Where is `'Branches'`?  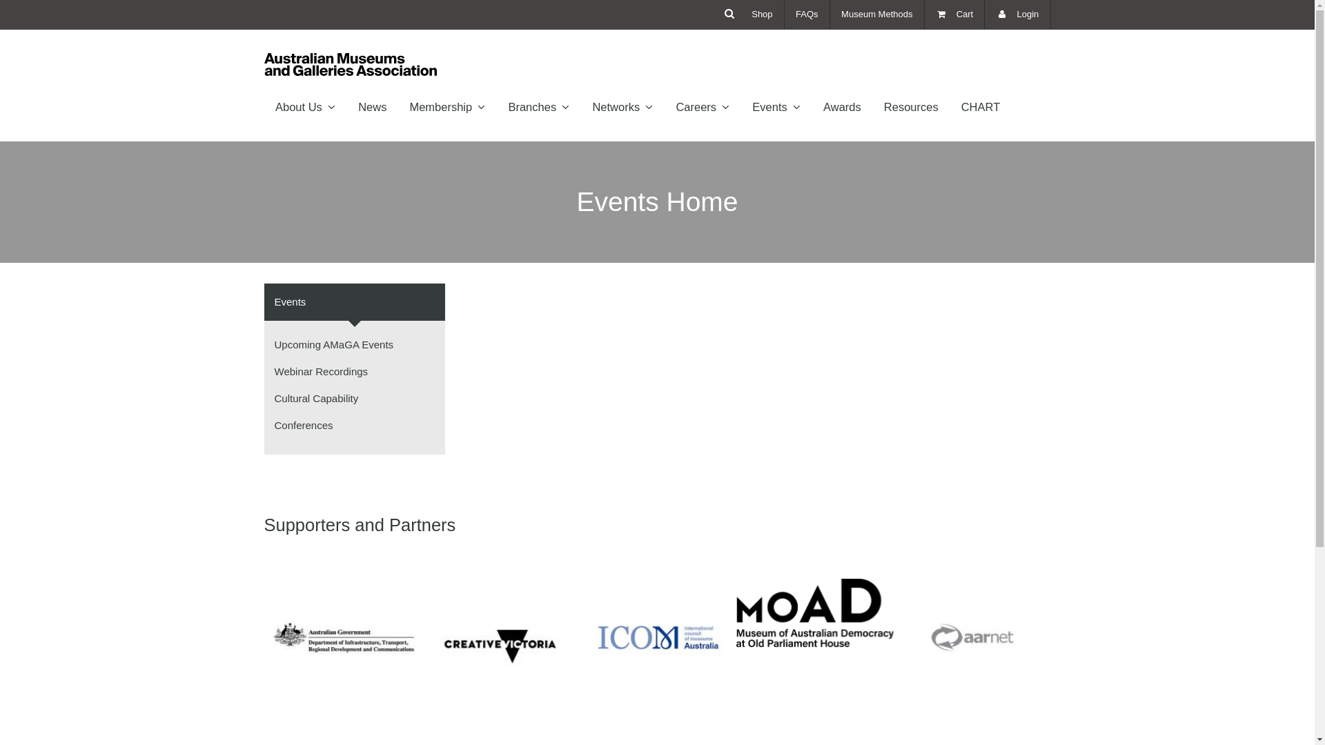 'Branches' is located at coordinates (538, 106).